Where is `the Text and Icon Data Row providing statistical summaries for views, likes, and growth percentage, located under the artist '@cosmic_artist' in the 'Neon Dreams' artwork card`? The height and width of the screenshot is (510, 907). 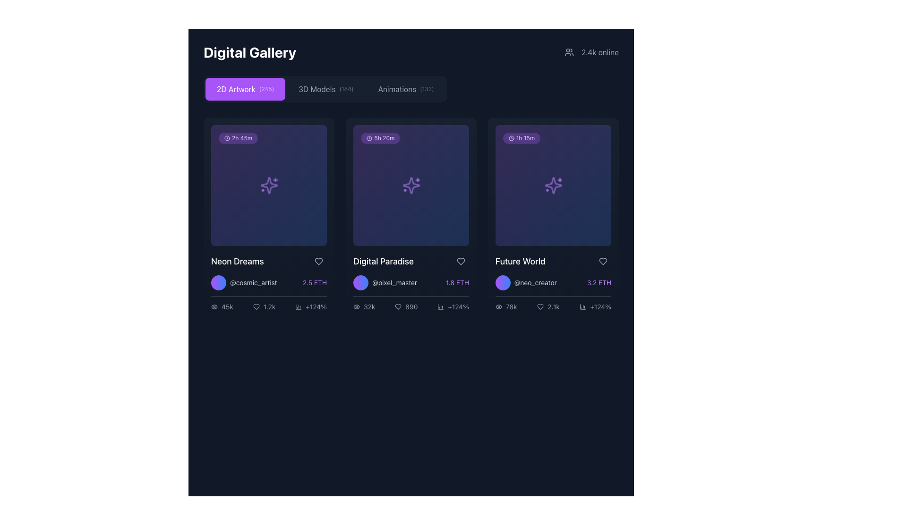
the Text and Icon Data Row providing statistical summaries for views, likes, and growth percentage, located under the artist '@cosmic_artist' in the 'Neon Dreams' artwork card is located at coordinates (268, 304).